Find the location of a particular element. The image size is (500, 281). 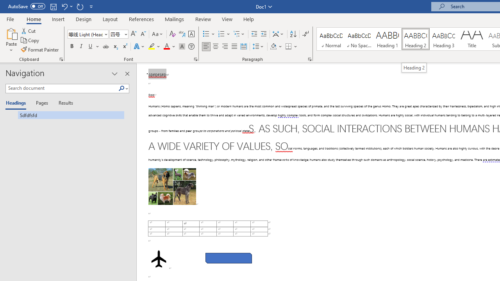

'Bold' is located at coordinates (71, 46).